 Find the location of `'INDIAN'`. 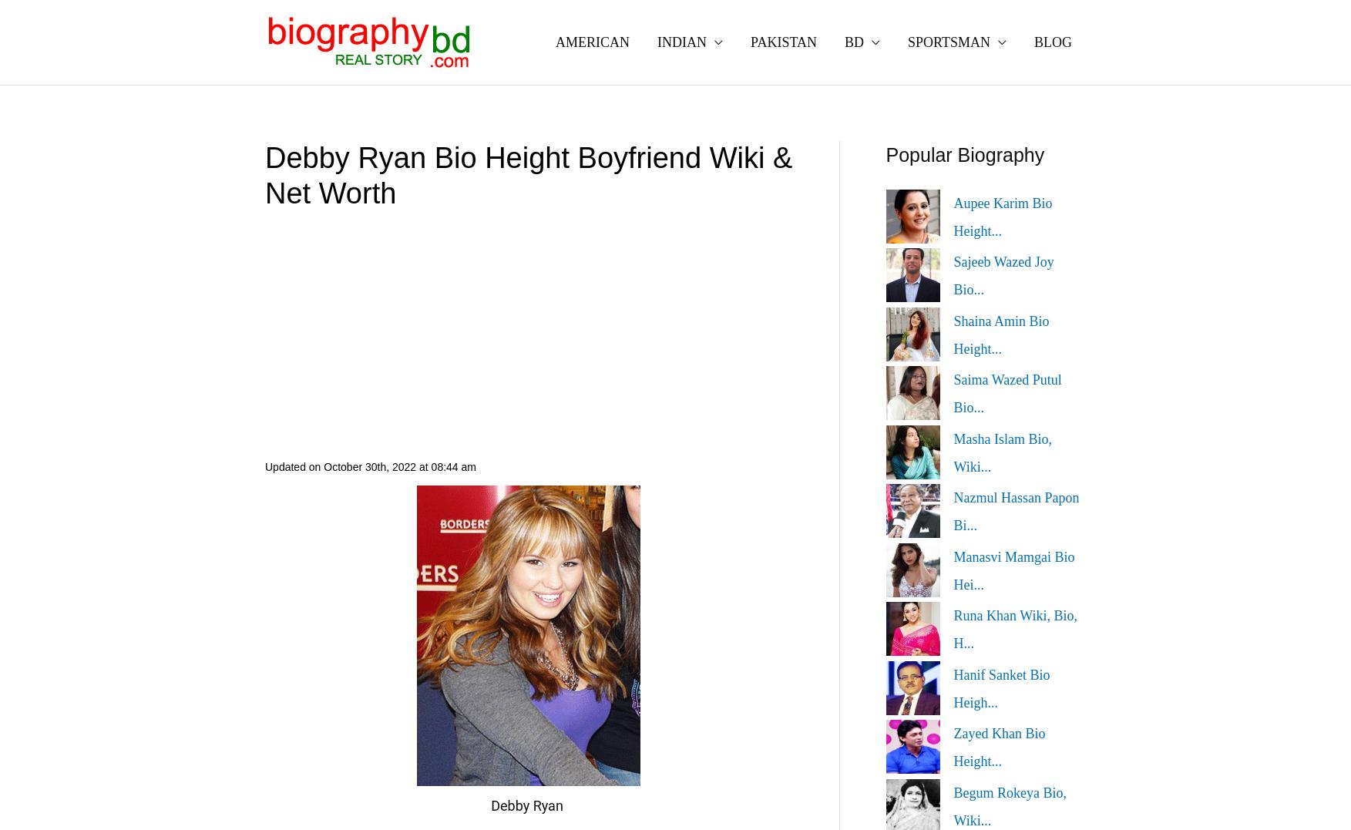

'INDIAN' is located at coordinates (681, 42).